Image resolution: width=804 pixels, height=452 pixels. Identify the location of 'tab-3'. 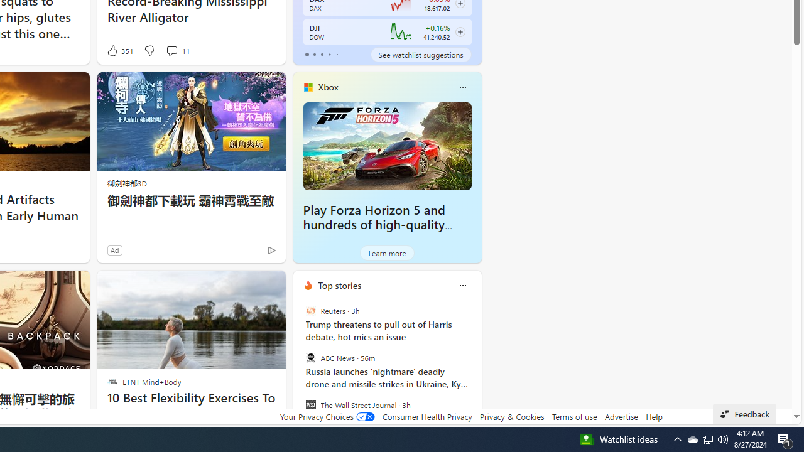
(329, 54).